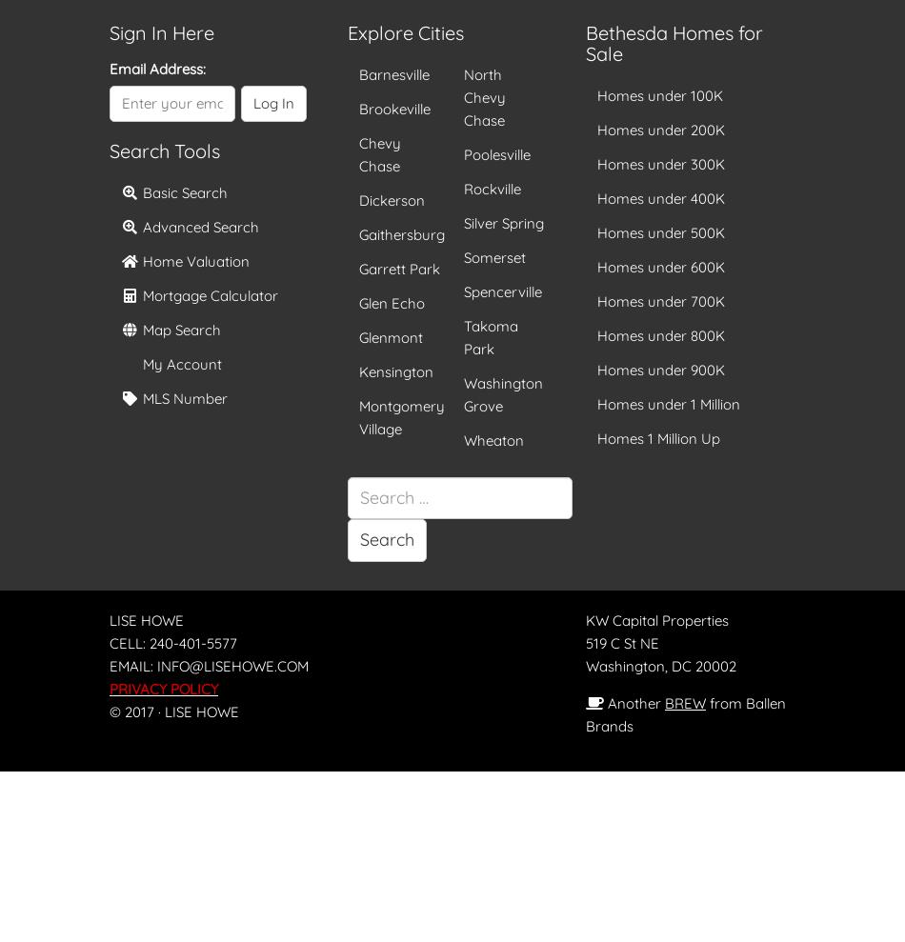  Describe the element at coordinates (110, 664) in the screenshot. I see `'EMAIL: INFO@LISEHOWE.COM'` at that location.